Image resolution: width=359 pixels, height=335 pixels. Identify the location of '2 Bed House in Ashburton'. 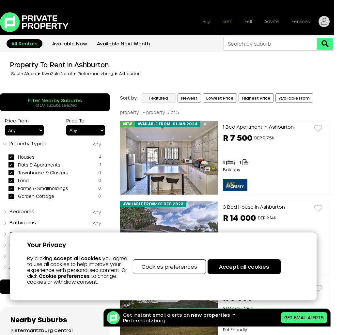
(254, 286).